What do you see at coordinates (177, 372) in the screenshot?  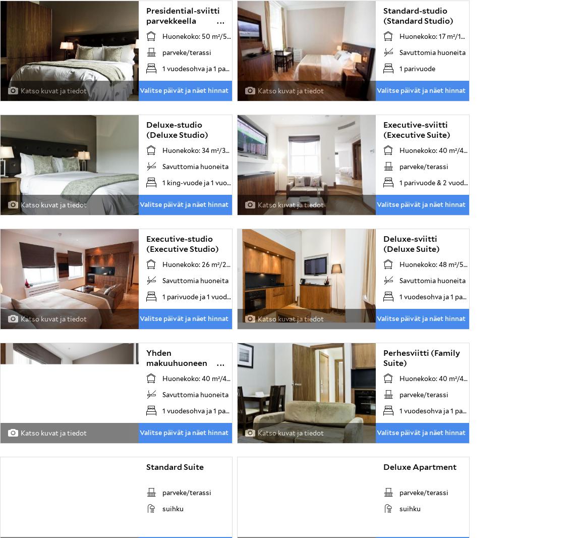 I see `'Yhden makuuhuoneen huoneisto (One Bedroom Apartment)'` at bounding box center [177, 372].